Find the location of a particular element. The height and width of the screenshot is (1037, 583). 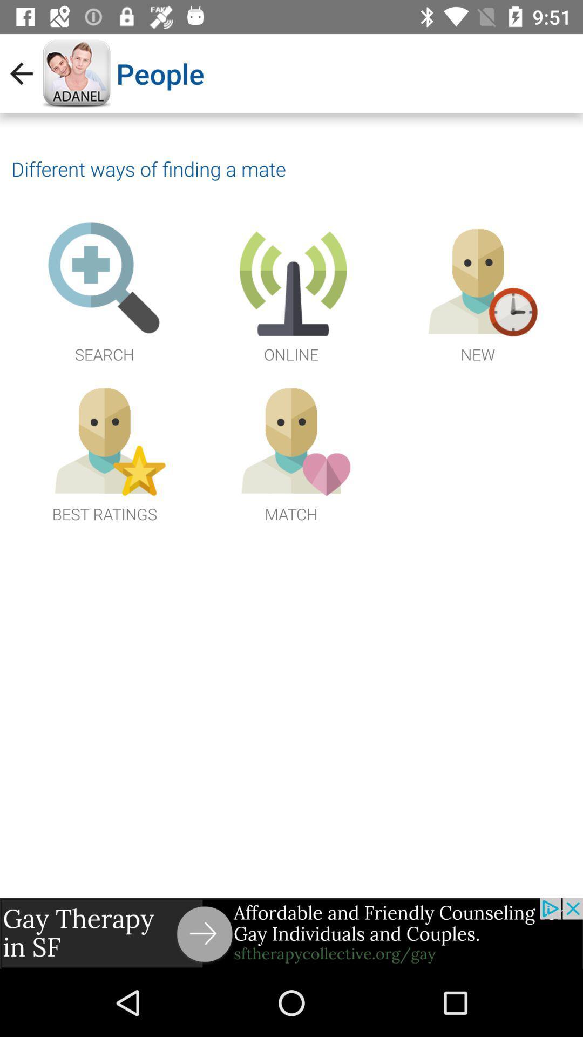

best ratings is located at coordinates (104, 452).